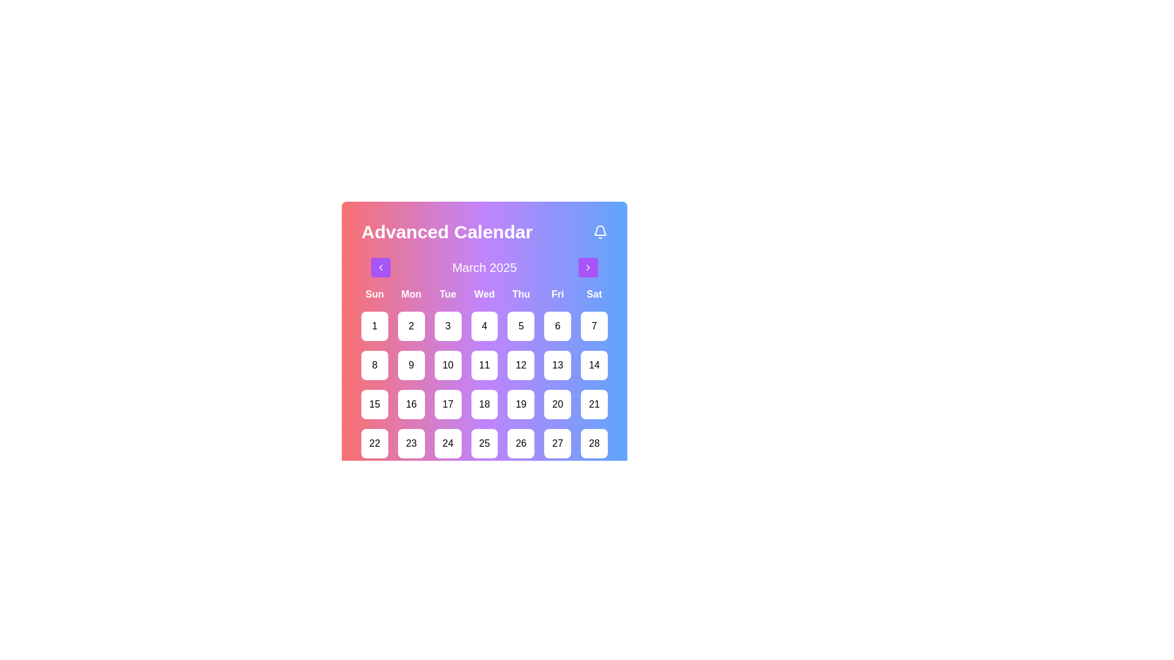  Describe the element at coordinates (557, 325) in the screenshot. I see `the square button with rounded corners displaying the number '6' located under the 'Fri' column in the calendar grid` at that location.